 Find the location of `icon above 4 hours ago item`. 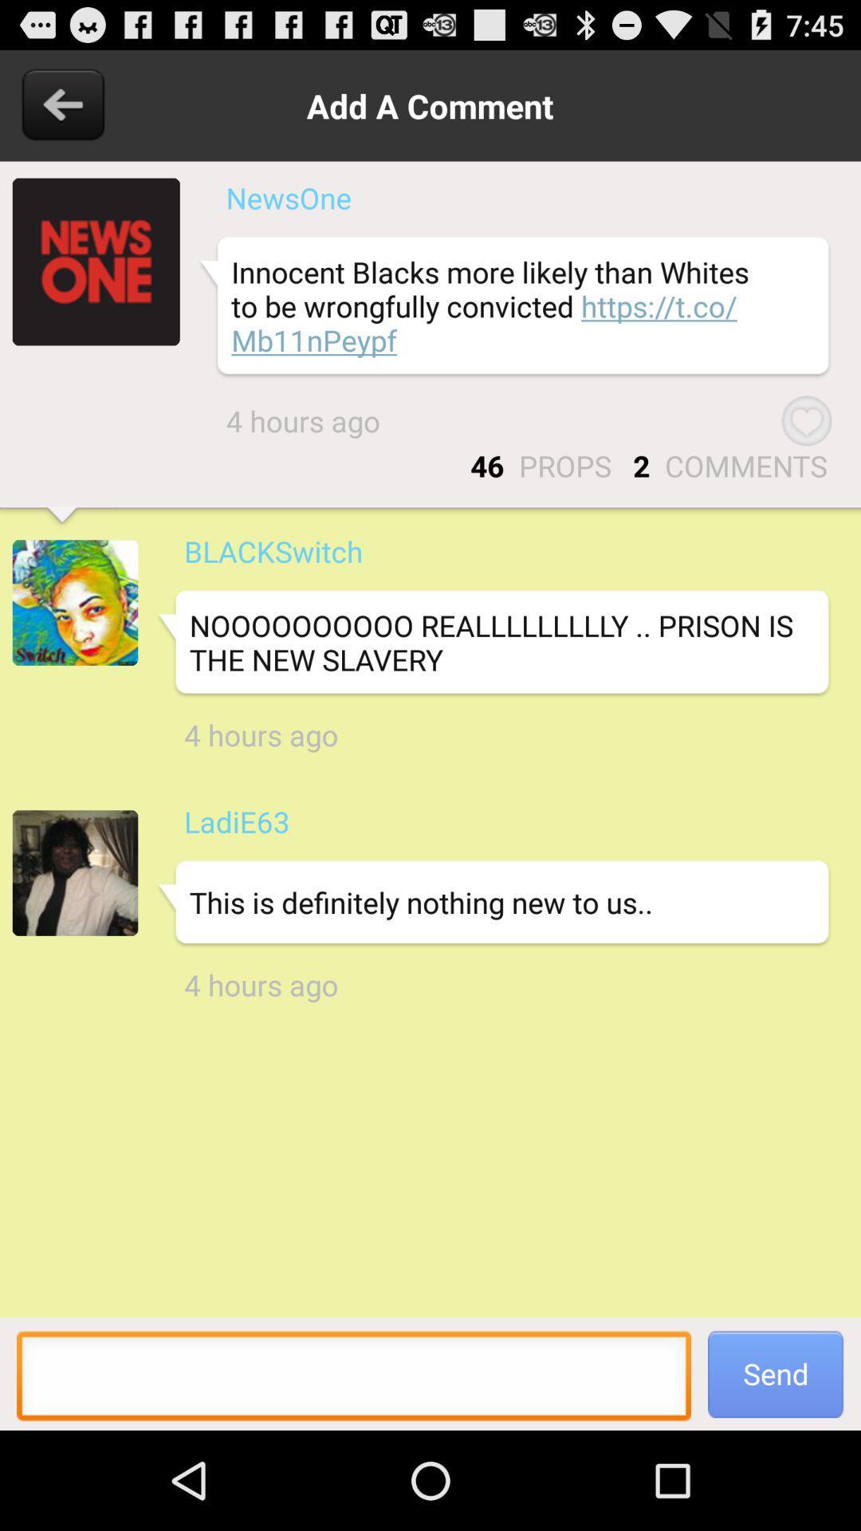

icon above 4 hours ago item is located at coordinates (492, 643).